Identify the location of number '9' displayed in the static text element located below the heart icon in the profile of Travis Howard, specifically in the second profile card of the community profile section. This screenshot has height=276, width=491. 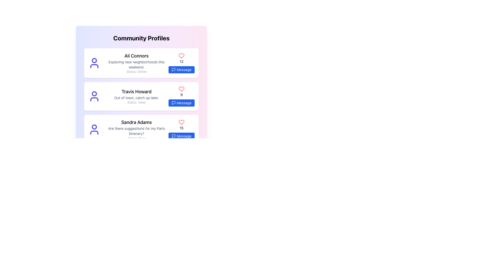
(182, 95).